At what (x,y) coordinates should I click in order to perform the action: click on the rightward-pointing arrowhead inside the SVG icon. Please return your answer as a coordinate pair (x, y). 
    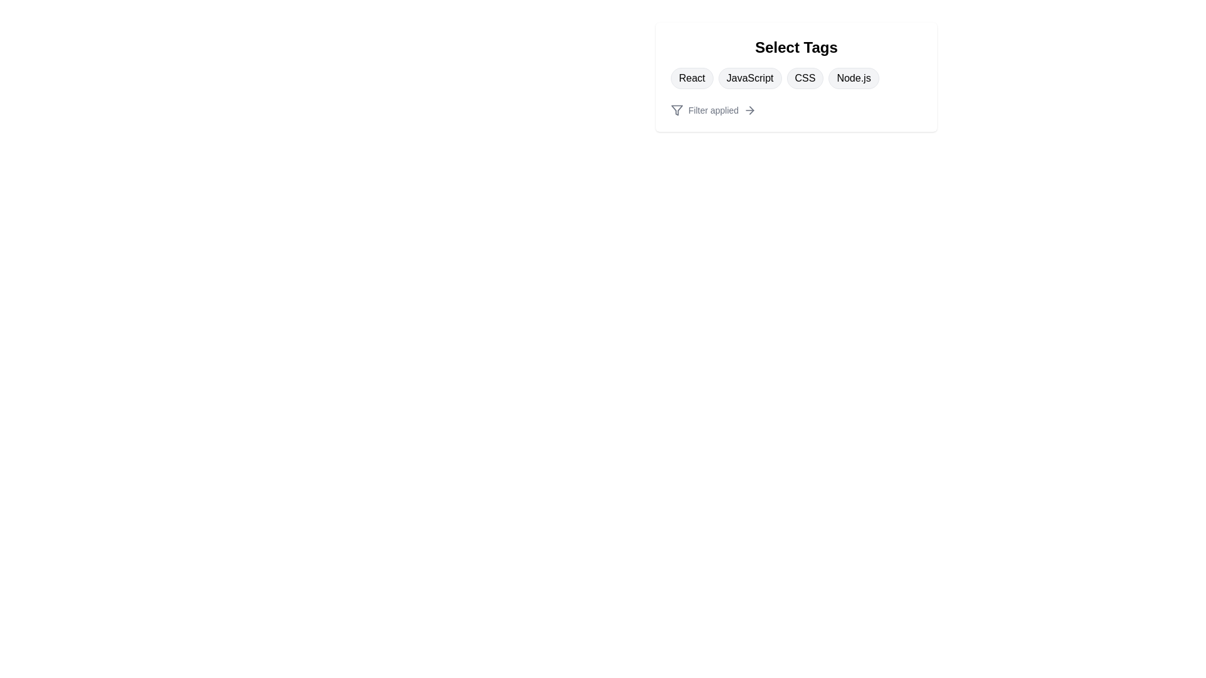
    Looking at the image, I should click on (752, 110).